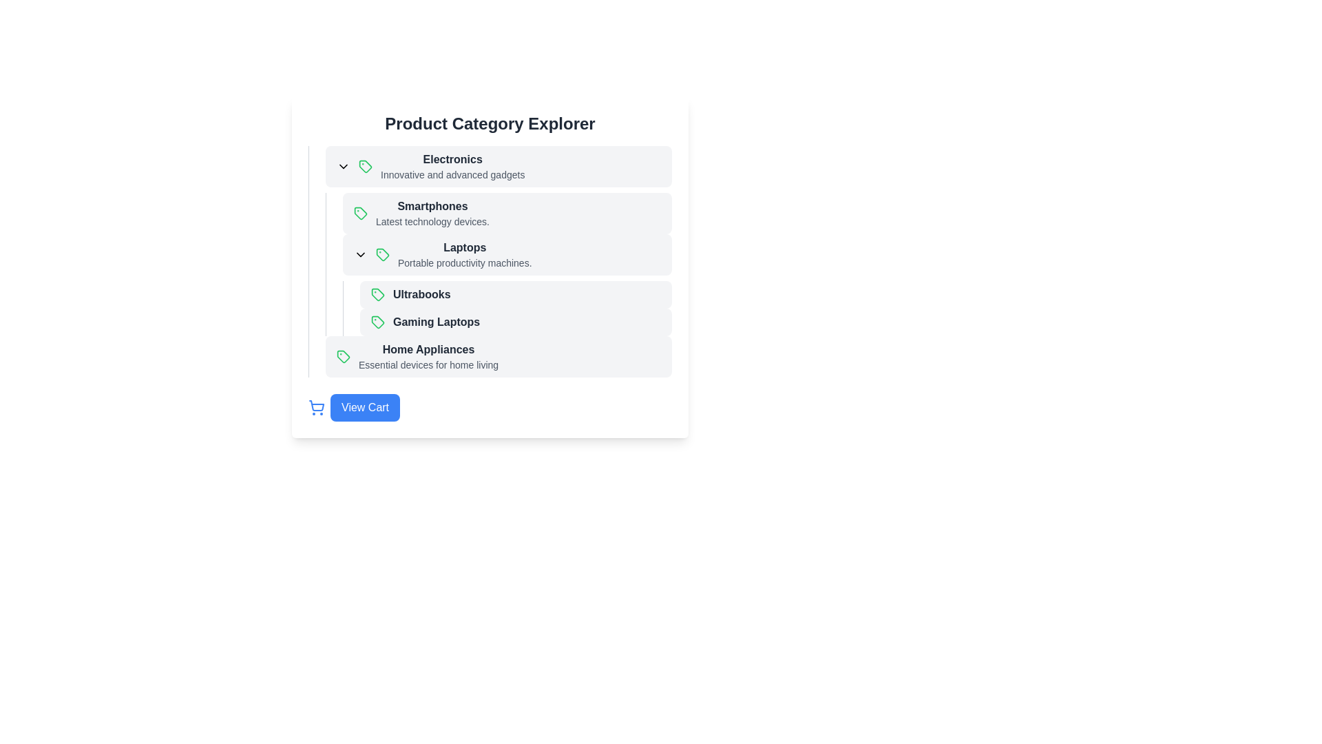  Describe the element at coordinates (360, 255) in the screenshot. I see `the icon located near the left side of the 'Laptops' label` at that location.